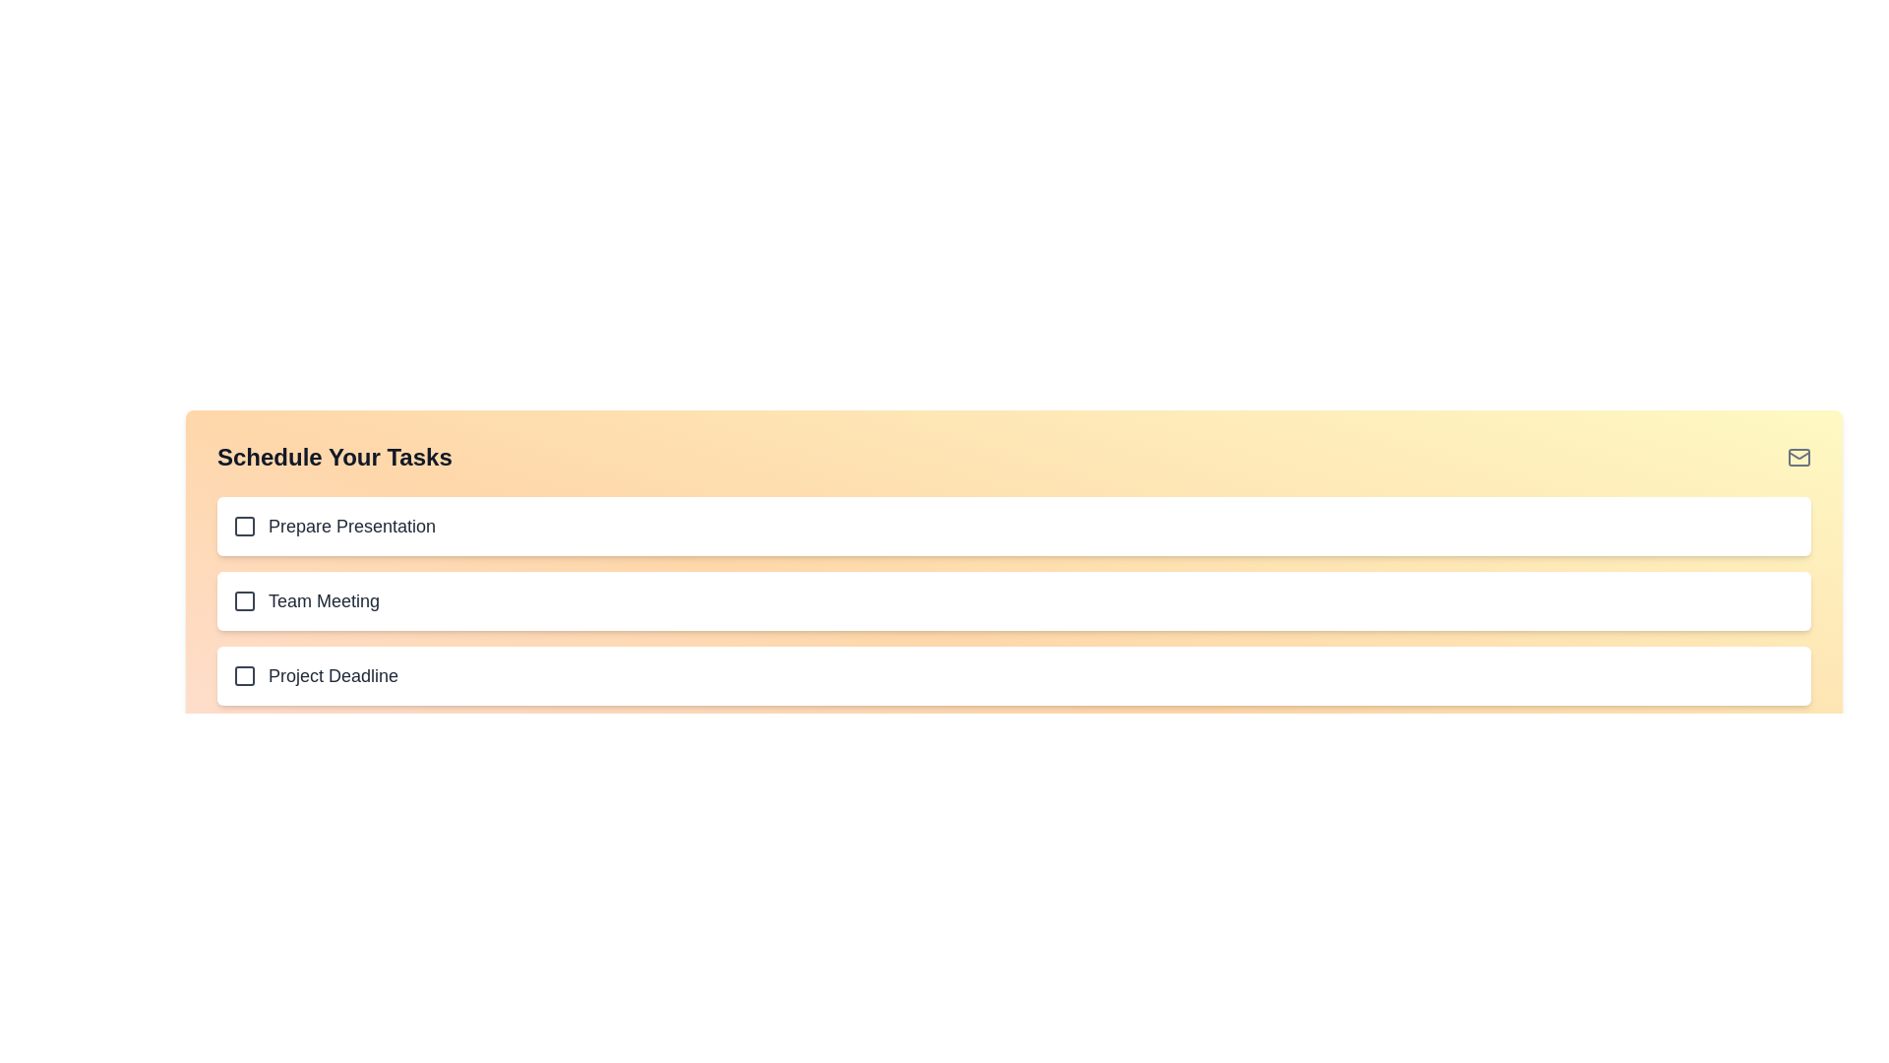  What do you see at coordinates (244, 674) in the screenshot?
I see `the graphical representation icon indicating the selection mechanism in the bottommost task row labeled 'Project Deadline' under 'Schedule Your Tasks'` at bounding box center [244, 674].